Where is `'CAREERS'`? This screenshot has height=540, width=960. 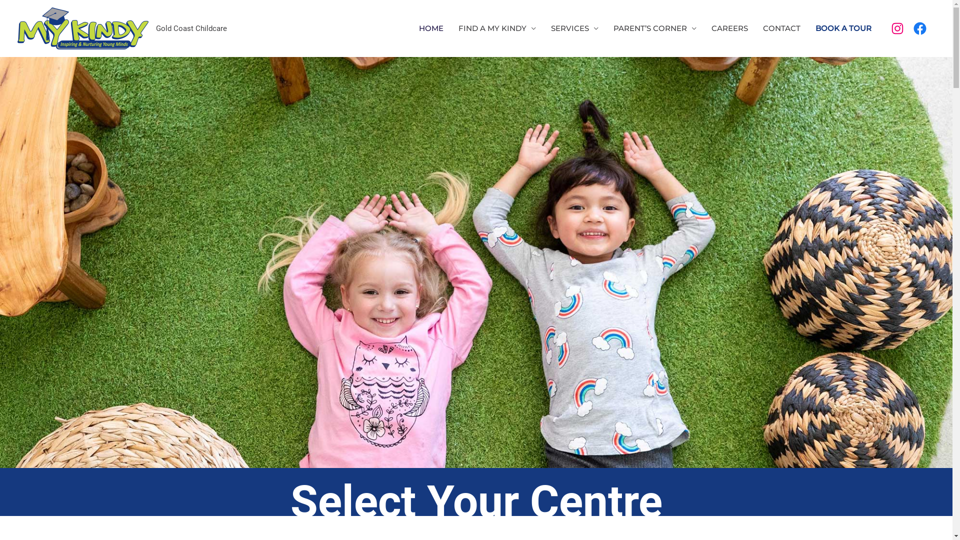
'CAREERS' is located at coordinates (729, 28).